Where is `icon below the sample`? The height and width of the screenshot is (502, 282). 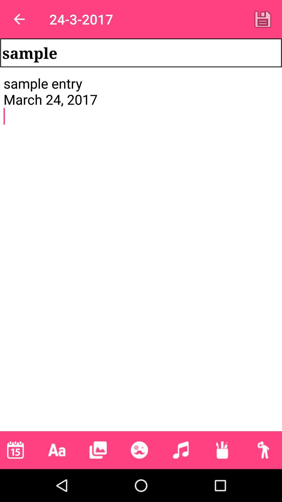 icon below the sample is located at coordinates (141, 253).